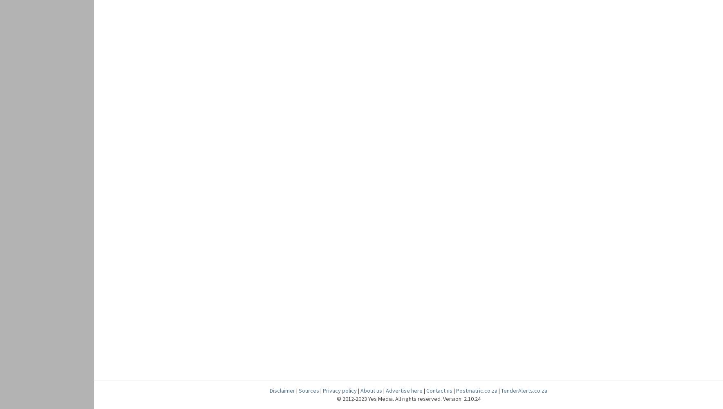 The image size is (723, 409). I want to click on 'Postmatric.co.za', so click(476, 390).